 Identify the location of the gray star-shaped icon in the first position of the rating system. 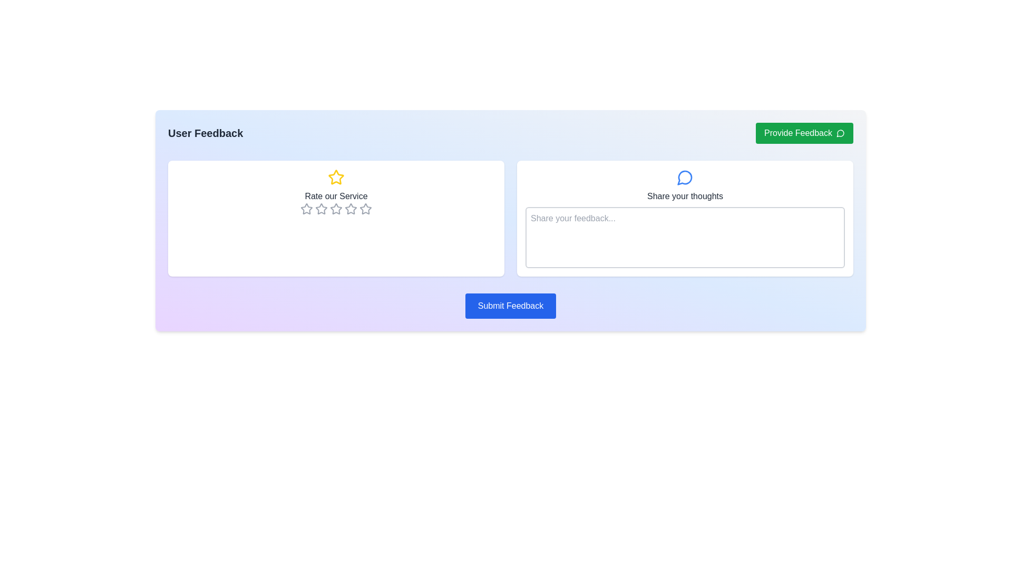
(306, 209).